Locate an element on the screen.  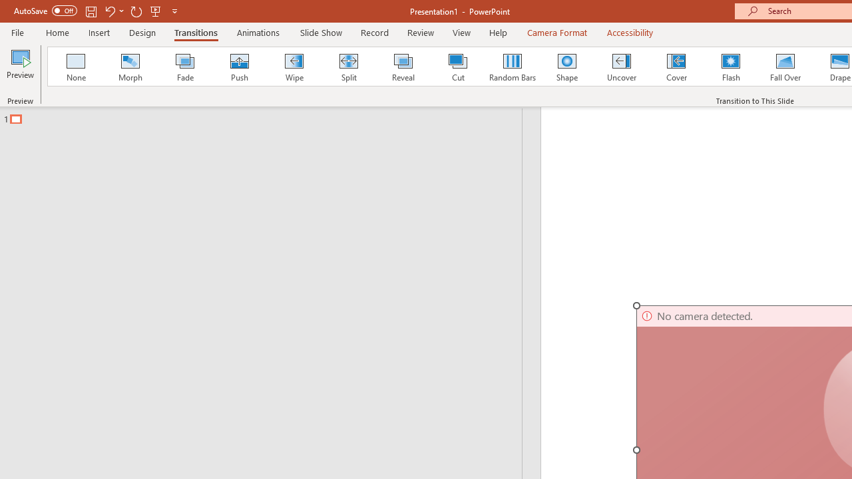
'None' is located at coordinates (75, 67).